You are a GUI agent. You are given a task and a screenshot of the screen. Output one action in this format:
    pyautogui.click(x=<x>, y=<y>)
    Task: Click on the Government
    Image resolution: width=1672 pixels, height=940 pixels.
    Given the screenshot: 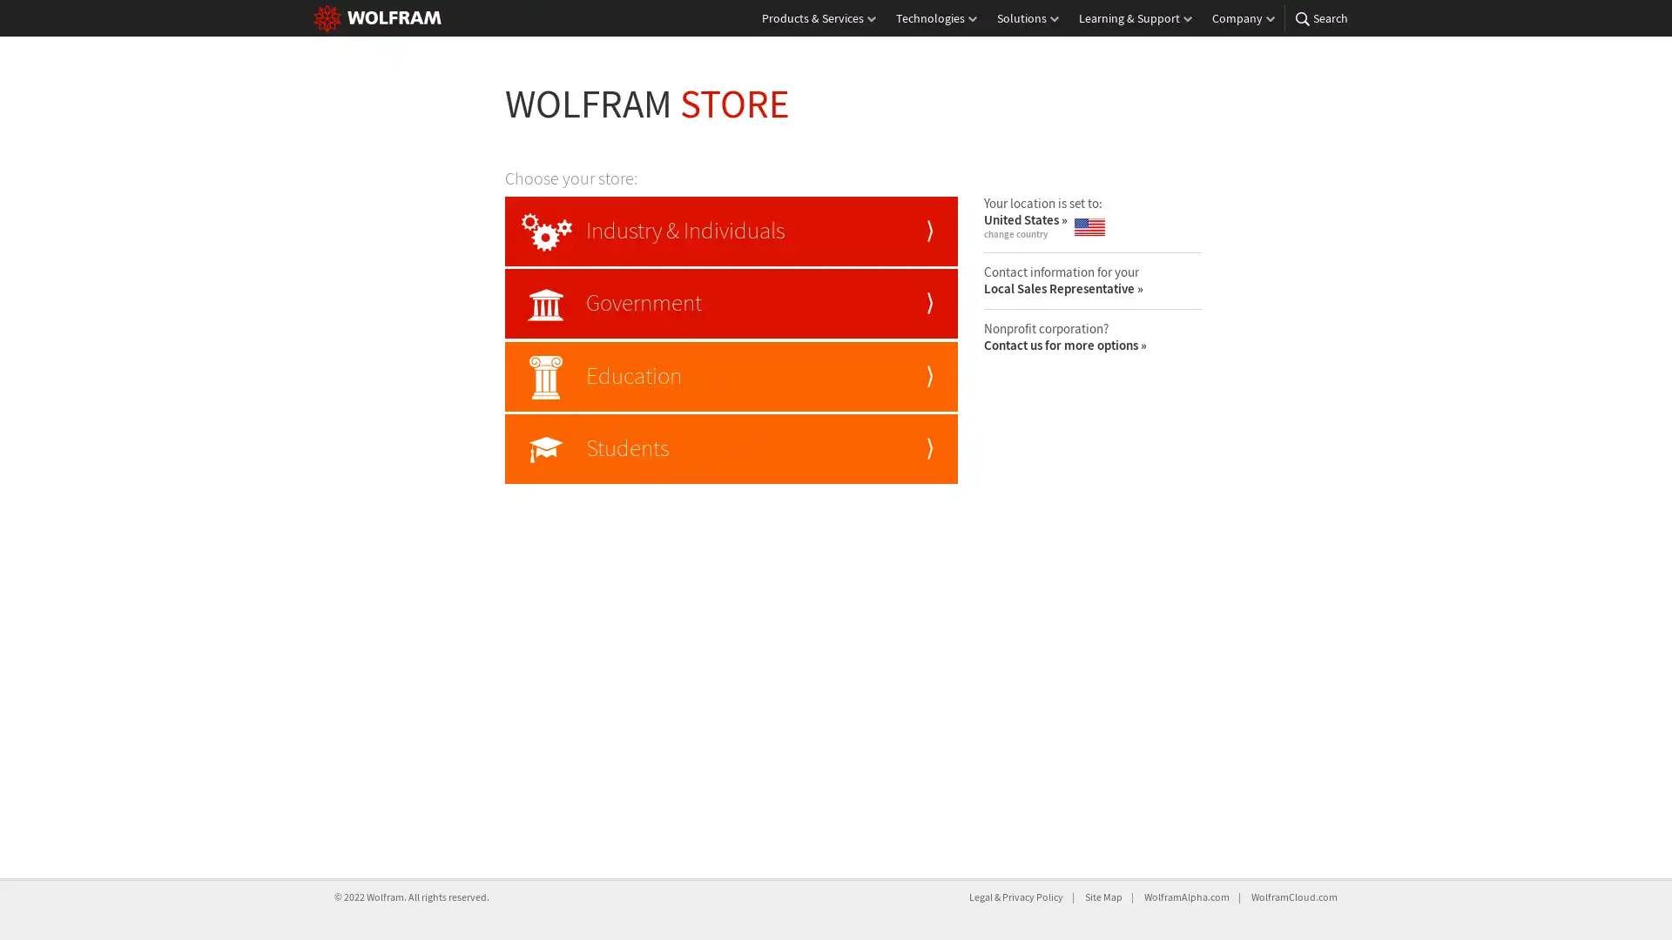 What is the action you would take?
    pyautogui.click(x=731, y=302)
    